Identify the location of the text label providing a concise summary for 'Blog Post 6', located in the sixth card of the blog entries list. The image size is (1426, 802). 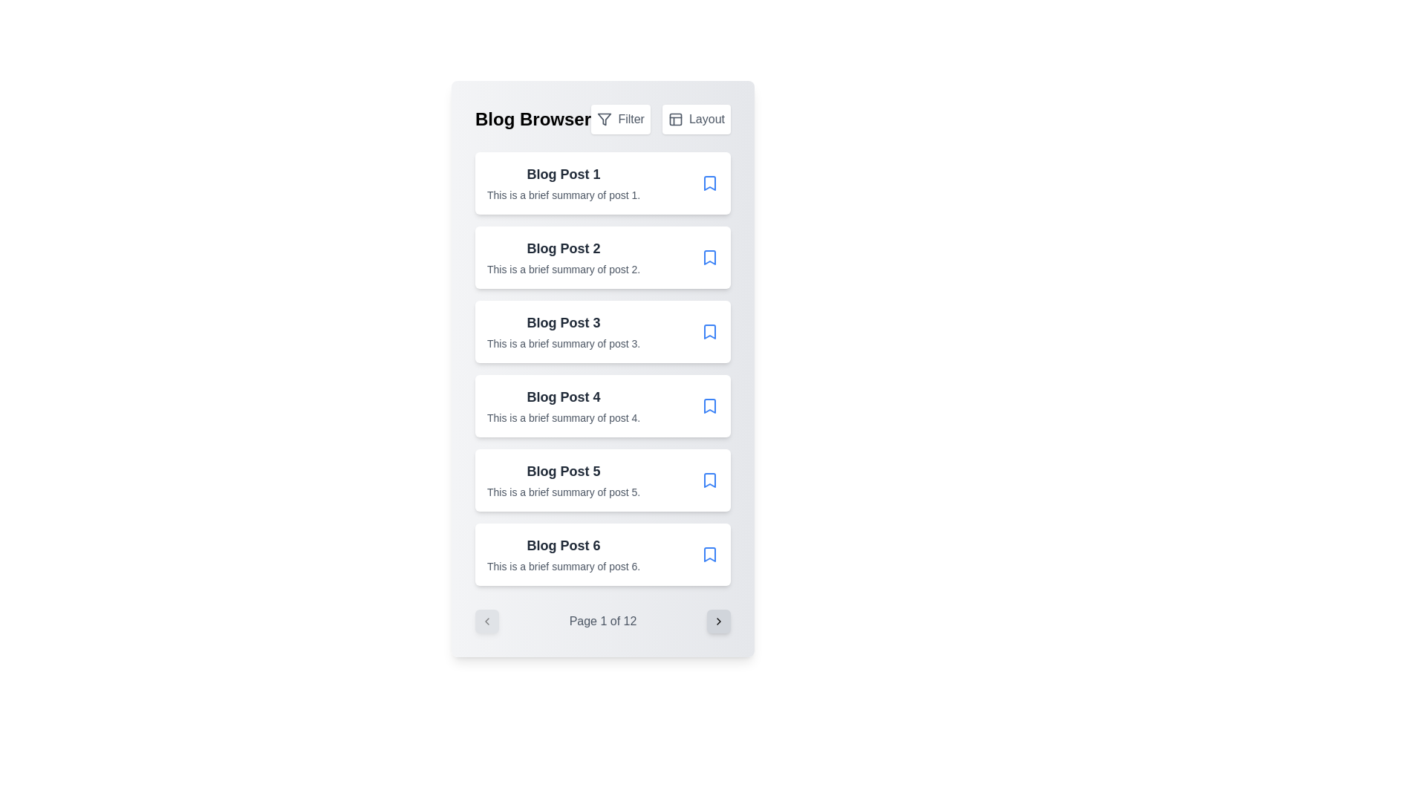
(563, 567).